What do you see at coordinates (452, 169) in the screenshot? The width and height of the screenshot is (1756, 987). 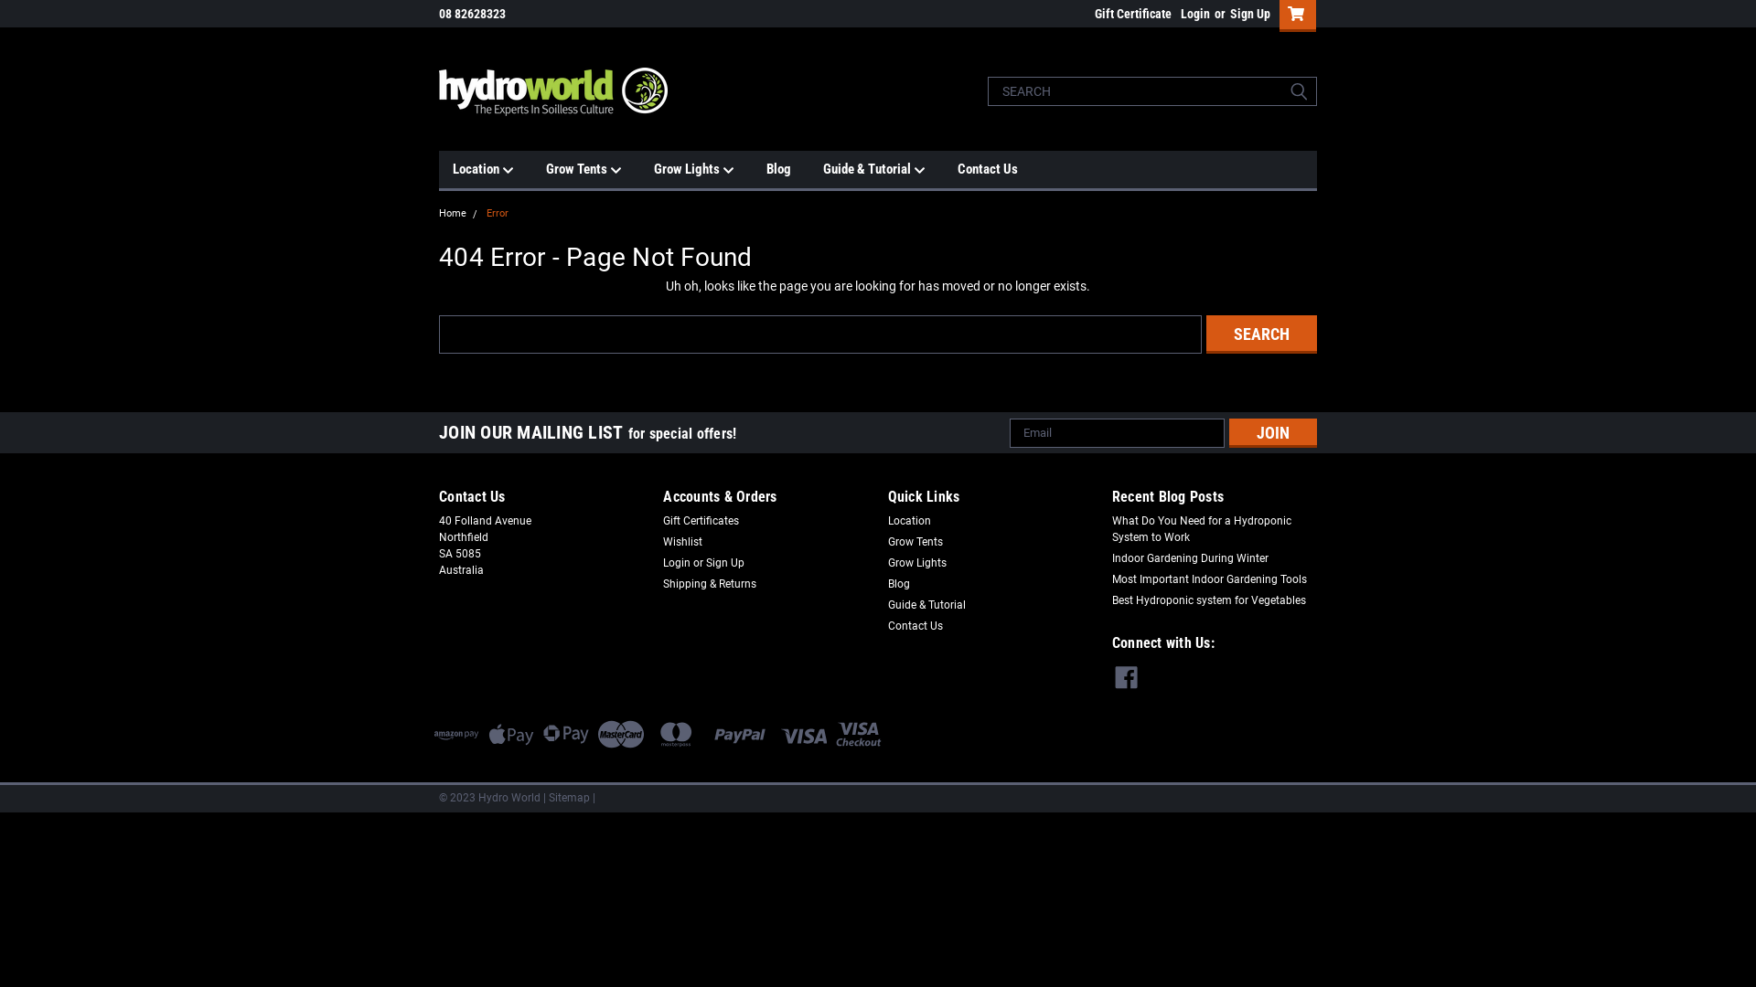 I see `'Location'` at bounding box center [452, 169].